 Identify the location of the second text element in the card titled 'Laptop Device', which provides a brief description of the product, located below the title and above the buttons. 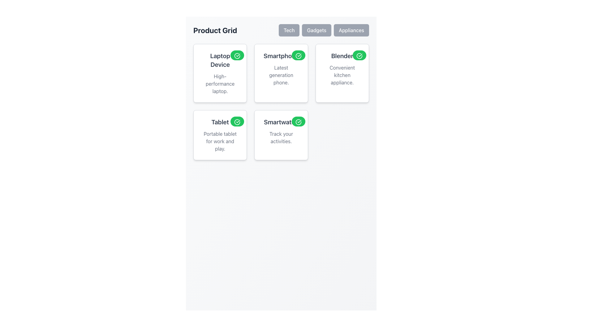
(220, 83).